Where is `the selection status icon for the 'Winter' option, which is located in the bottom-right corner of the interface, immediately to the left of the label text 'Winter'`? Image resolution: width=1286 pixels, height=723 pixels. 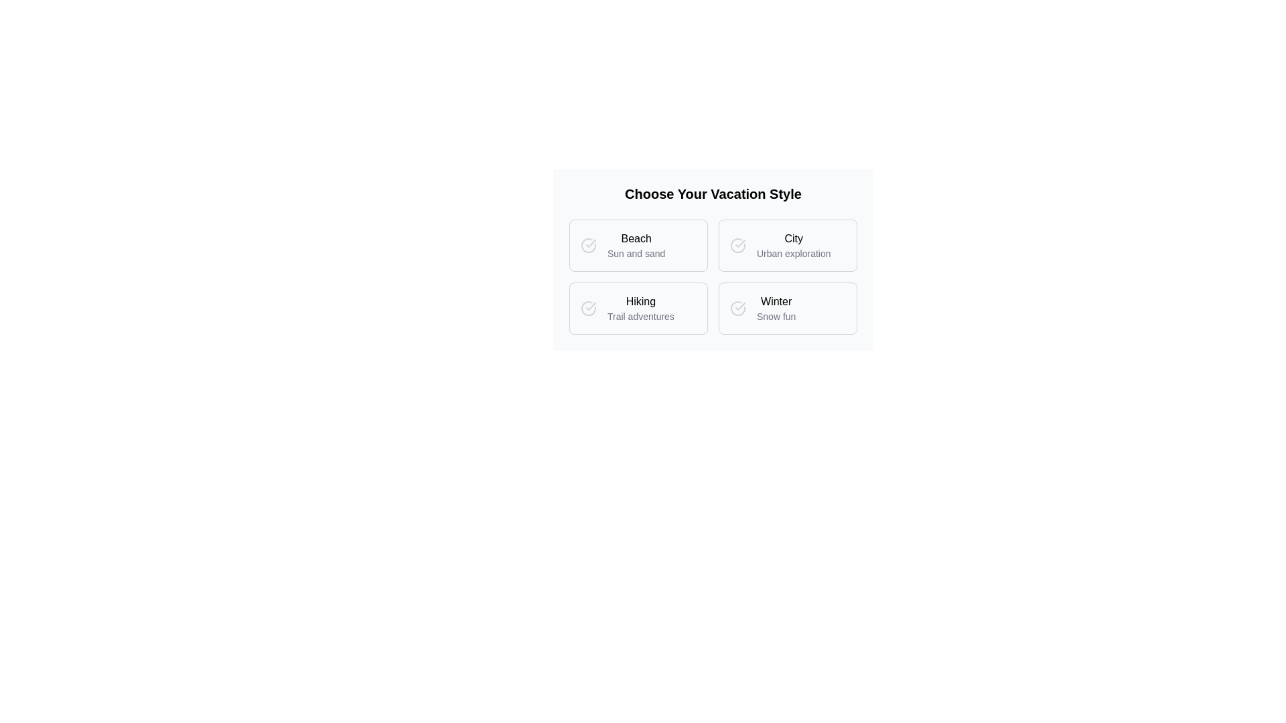 the selection status icon for the 'Winter' option, which is located in the bottom-right corner of the interface, immediately to the left of the label text 'Winter' is located at coordinates (737, 309).